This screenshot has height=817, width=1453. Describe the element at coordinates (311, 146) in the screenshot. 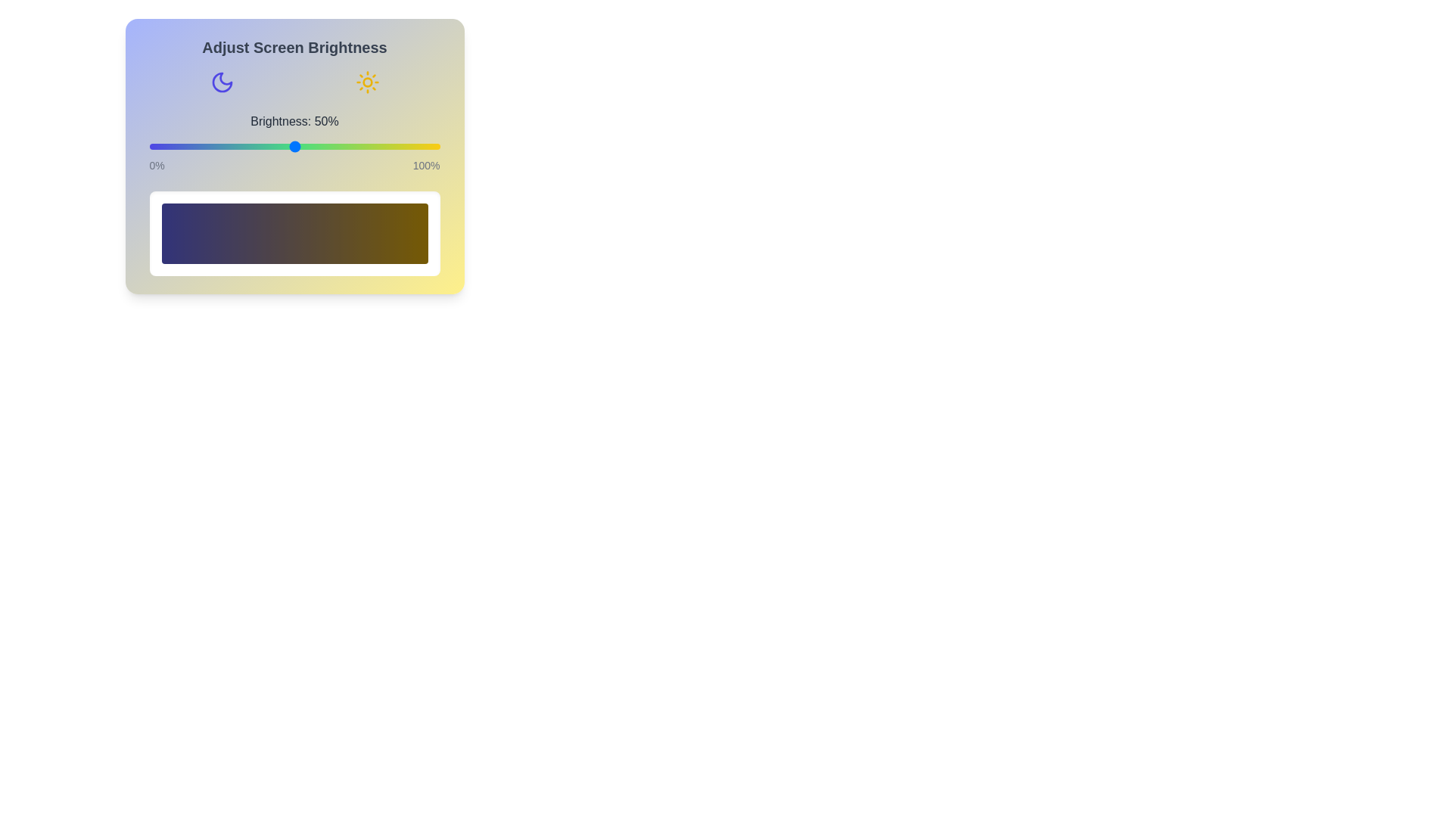

I see `the brightness slider to 56%` at that location.